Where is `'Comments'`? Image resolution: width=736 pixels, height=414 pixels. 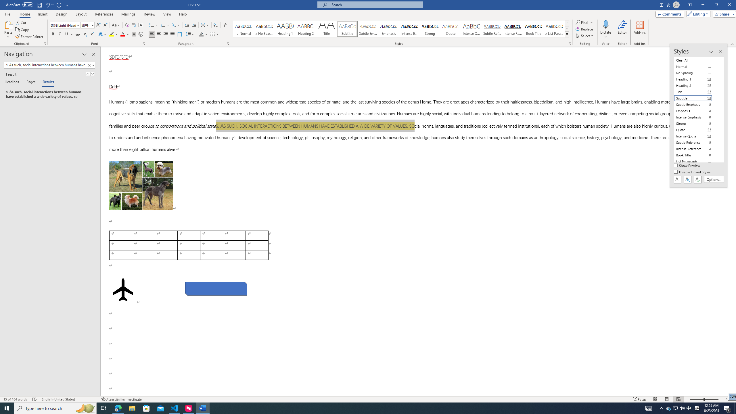
'Comments' is located at coordinates (670, 14).